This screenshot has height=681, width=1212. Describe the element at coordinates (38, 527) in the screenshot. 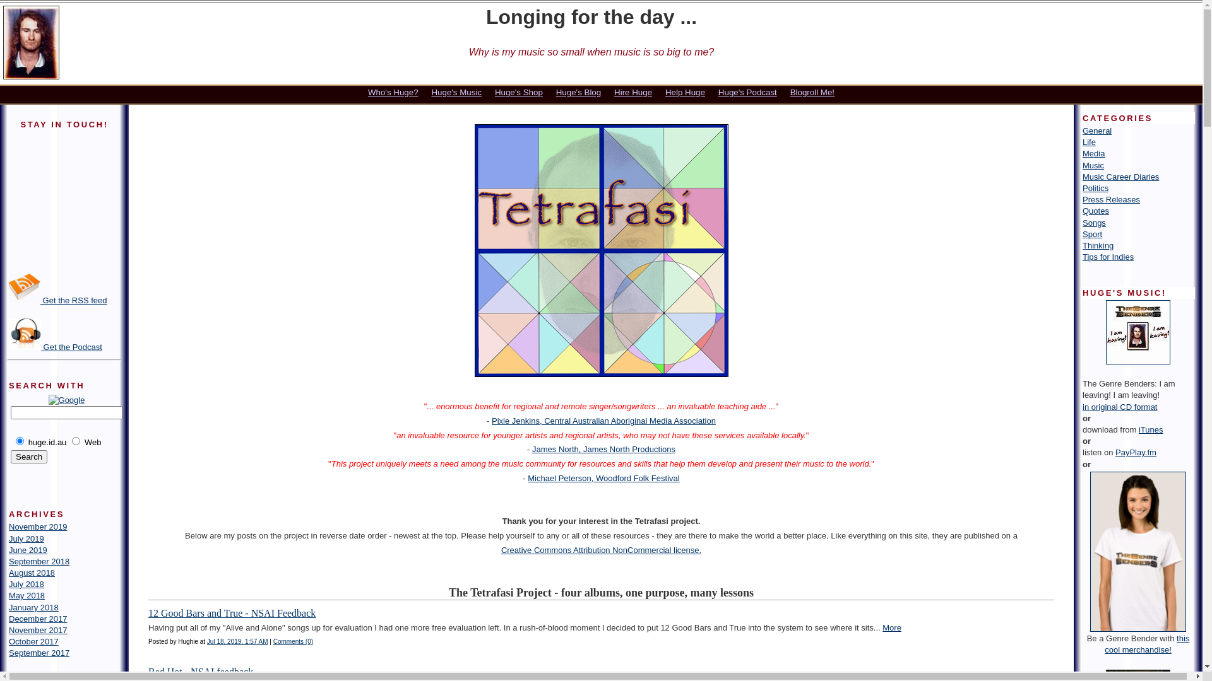

I see `'November 2019'` at that location.